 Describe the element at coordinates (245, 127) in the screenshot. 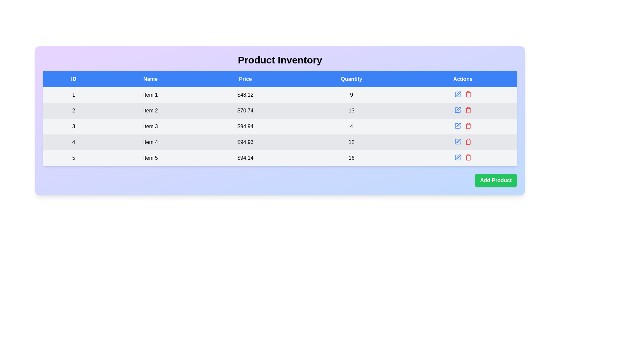

I see `price value displayed as "$94.94" in black text centered within the table cell of the "Price" column for "Item 3"` at that location.